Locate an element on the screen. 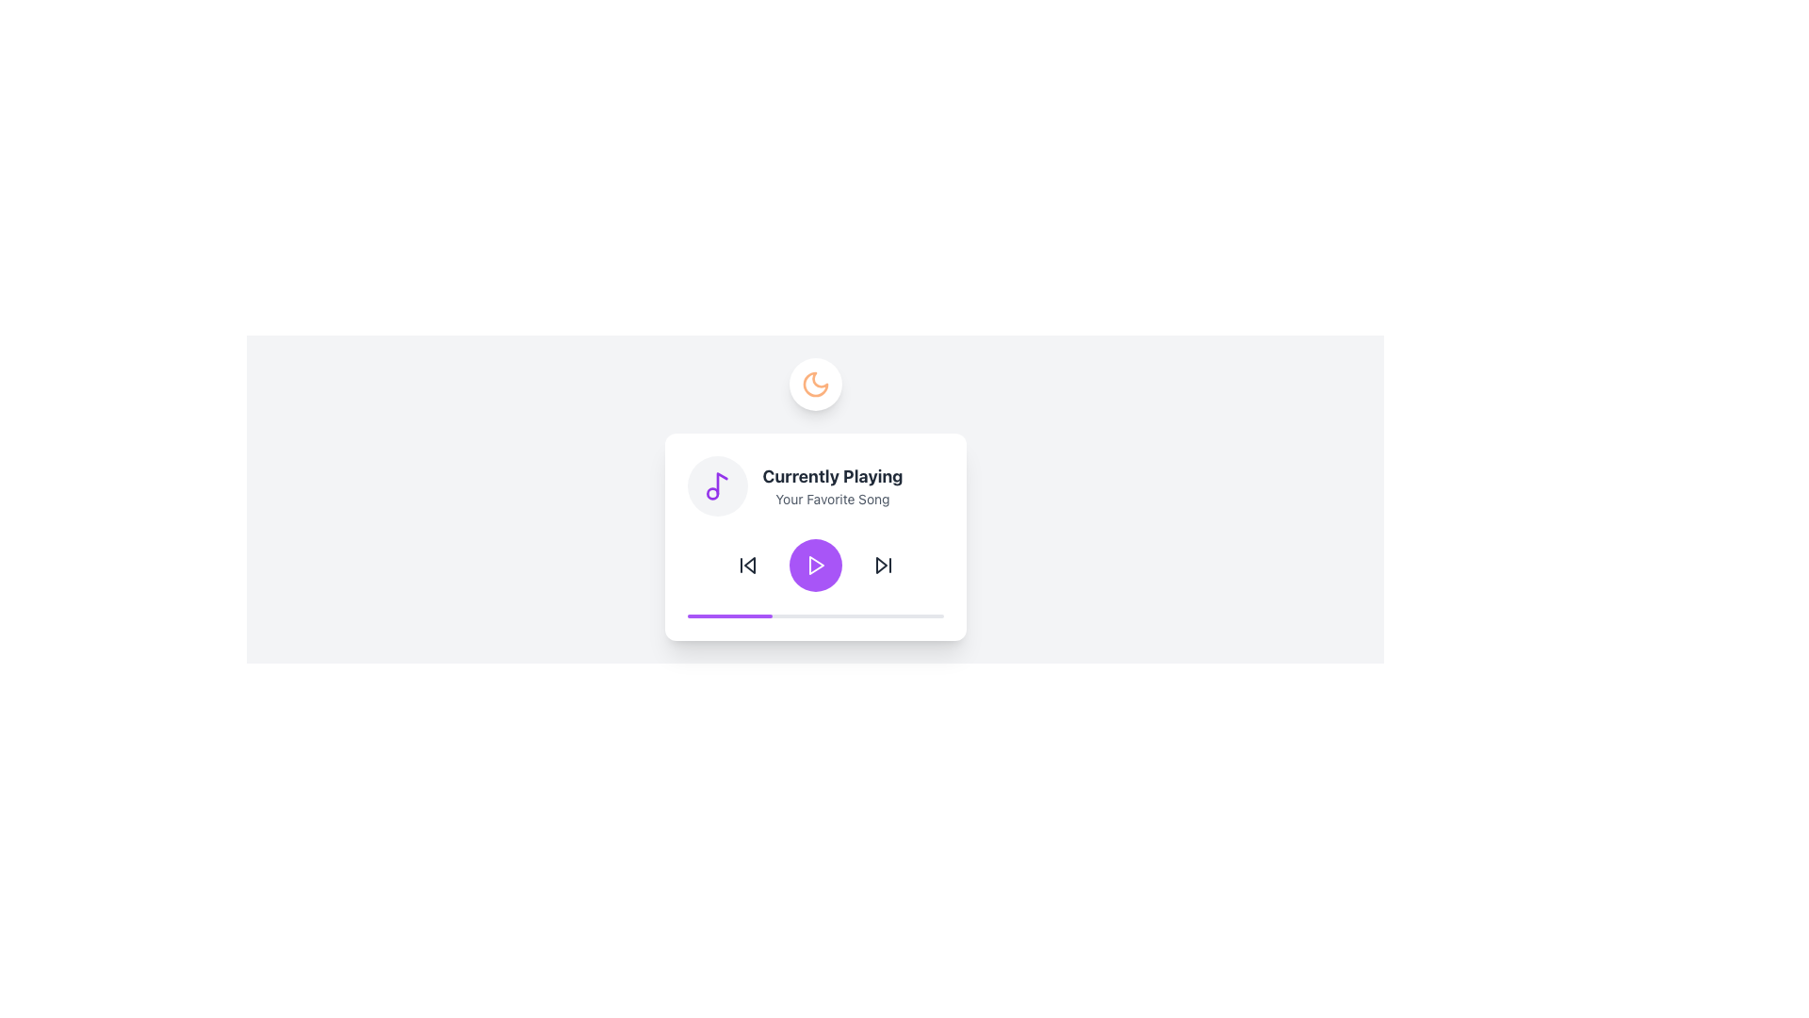  the circular button with a filled purple background and a white triangular play icon, which is the middle button in a group of three buttons at the bottom of the music playing interface is located at coordinates (815, 565).